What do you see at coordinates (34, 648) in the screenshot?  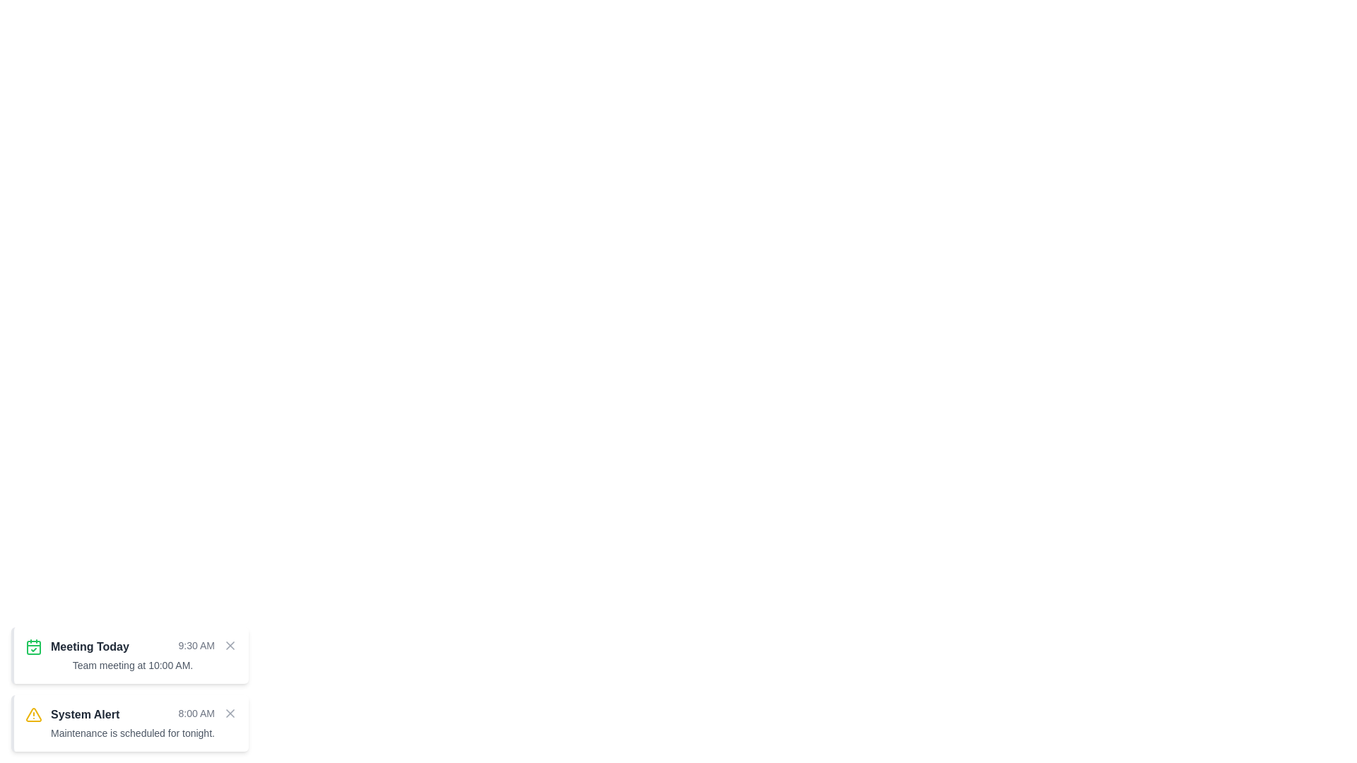 I see `calendar icon part of the SVG element, which is a rounded rectangle with a green border and fill, located within a notification indicating 'Meeting Today'` at bounding box center [34, 648].